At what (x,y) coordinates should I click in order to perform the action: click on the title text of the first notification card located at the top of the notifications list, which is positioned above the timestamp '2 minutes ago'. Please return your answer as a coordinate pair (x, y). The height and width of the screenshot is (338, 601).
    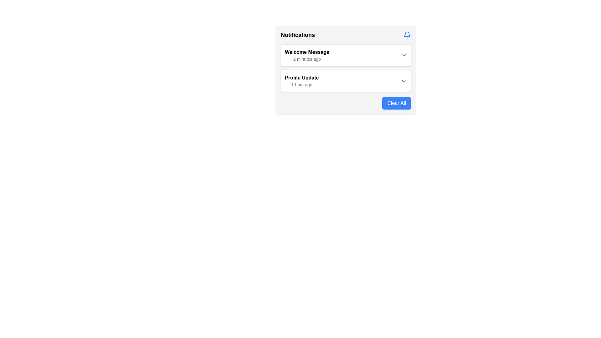
    Looking at the image, I should click on (307, 52).